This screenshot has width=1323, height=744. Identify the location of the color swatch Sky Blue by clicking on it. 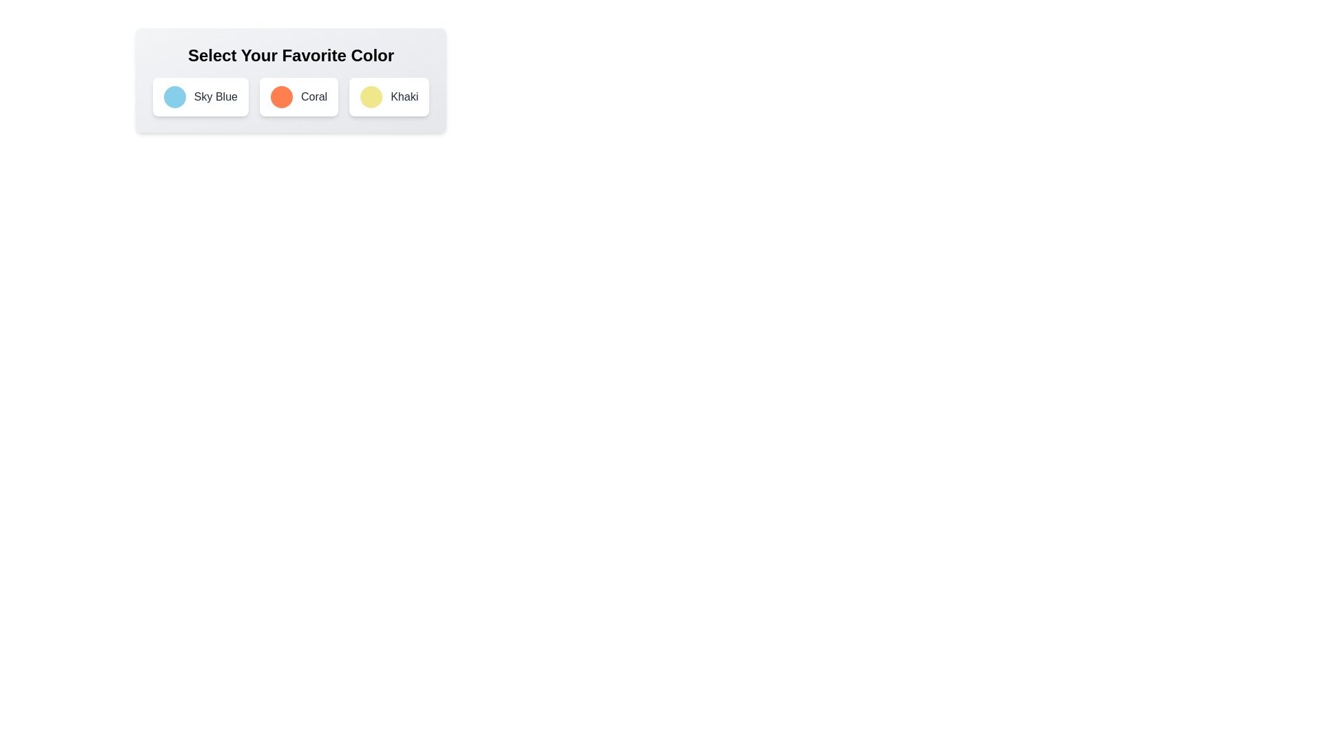
(174, 96).